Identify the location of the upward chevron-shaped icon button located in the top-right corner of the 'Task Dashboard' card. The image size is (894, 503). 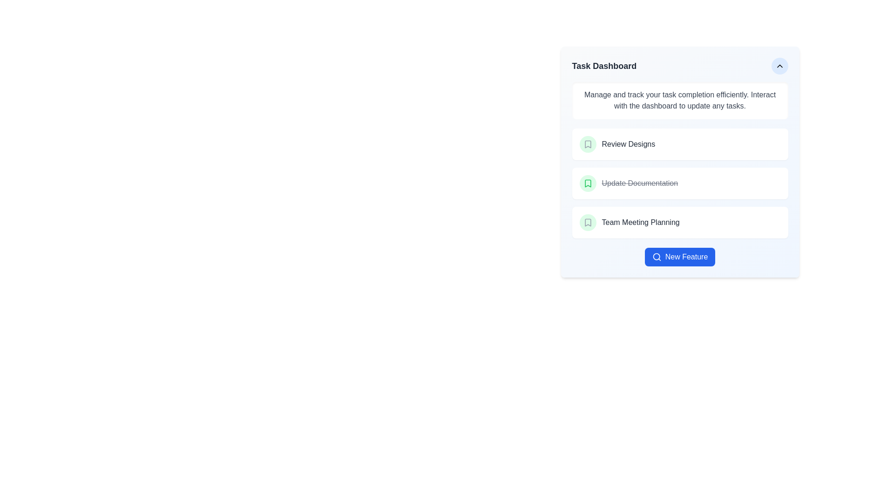
(779, 66).